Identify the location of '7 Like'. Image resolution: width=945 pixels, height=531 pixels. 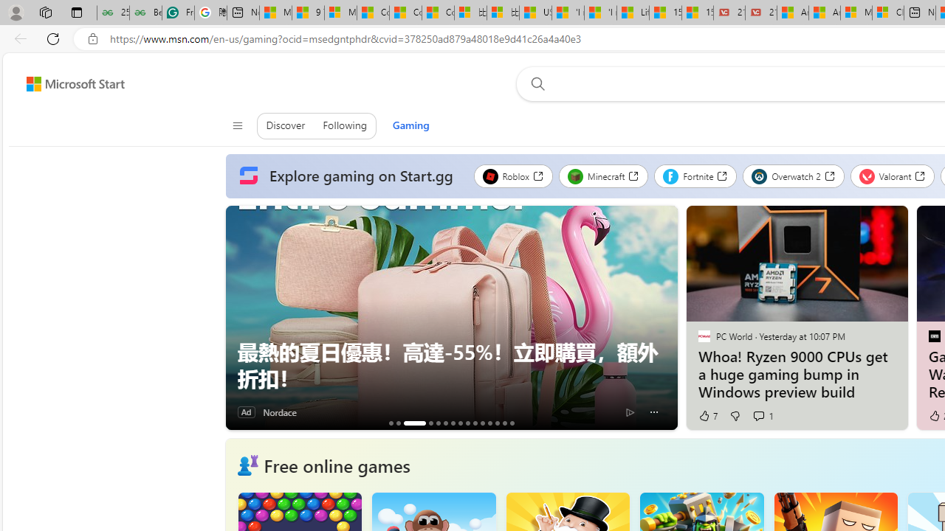
(707, 416).